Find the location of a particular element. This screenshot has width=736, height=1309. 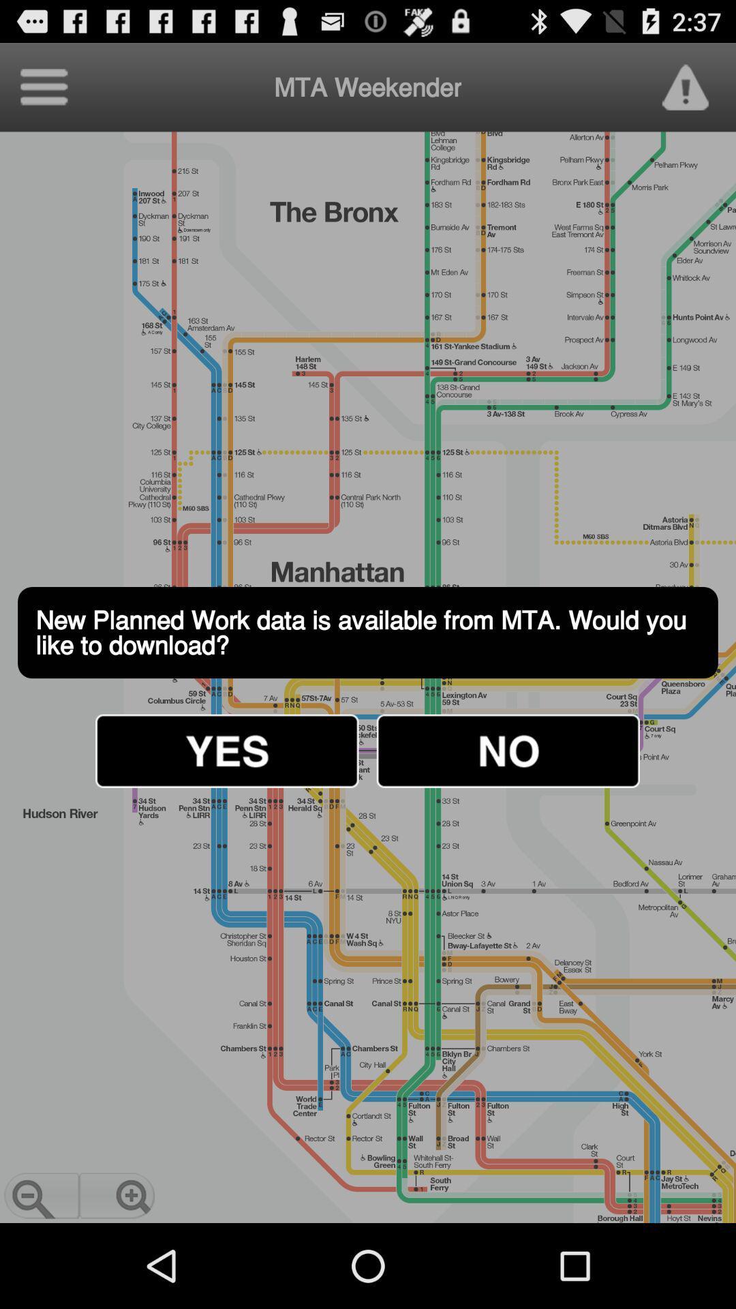

the icon on the right is located at coordinates (508, 750).